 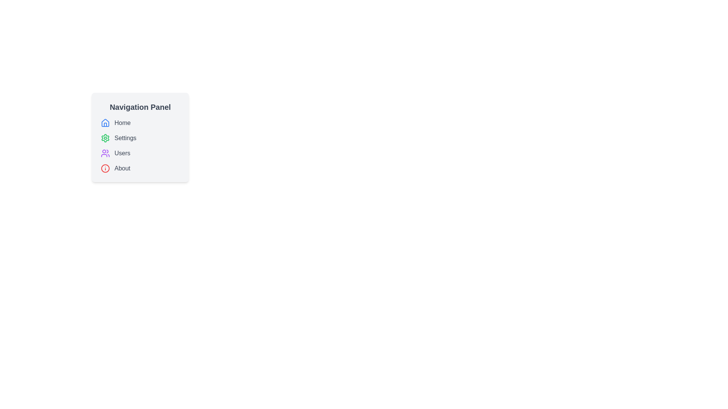 I want to click on the Navigation Menu located centrally within the 'Navigation Panel', so click(x=140, y=146).